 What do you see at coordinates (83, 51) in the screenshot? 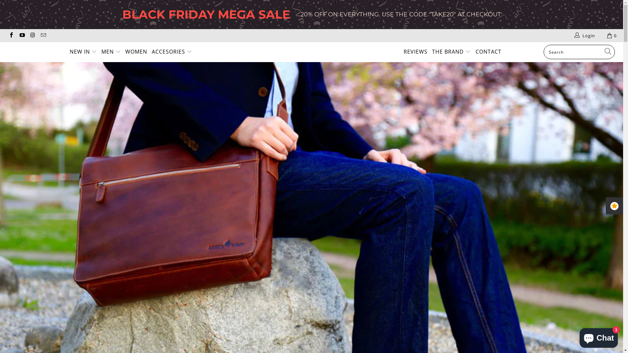
I see `'NEW IN'` at bounding box center [83, 51].